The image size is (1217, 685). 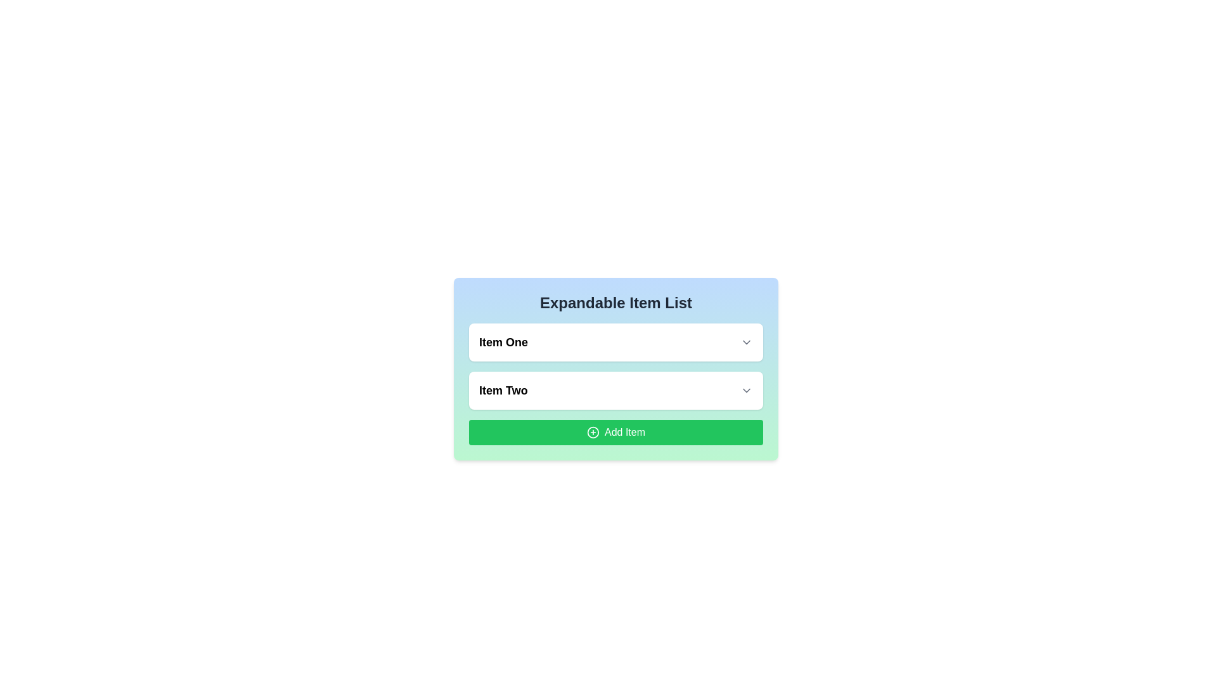 I want to click on the arrow of the dropdown menu item labeled 'Item Two' to visualize interactivity, so click(x=615, y=390).